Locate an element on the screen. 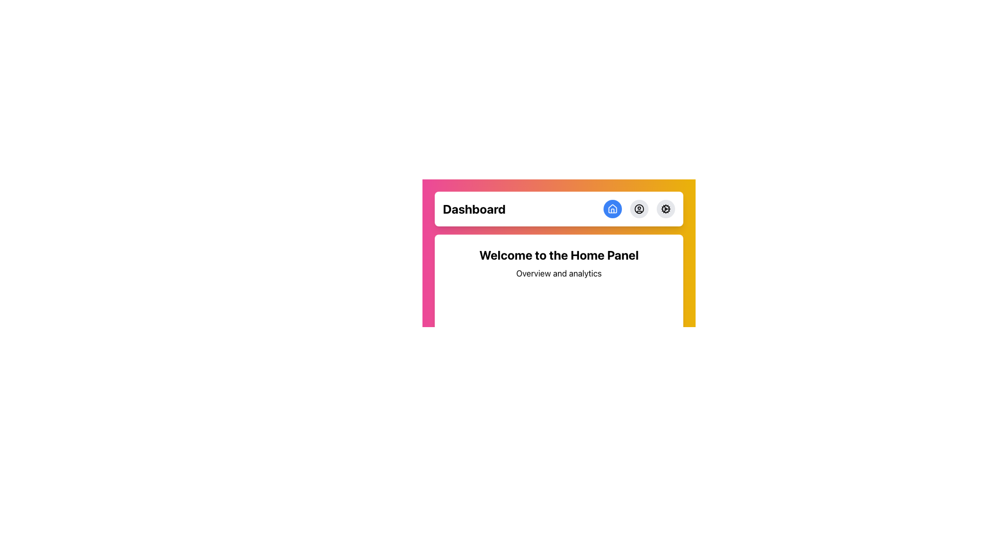 The width and height of the screenshot is (982, 552). the decorative SVG Circle that represents the user profile icon located in the header menu bar is located at coordinates (638, 208).